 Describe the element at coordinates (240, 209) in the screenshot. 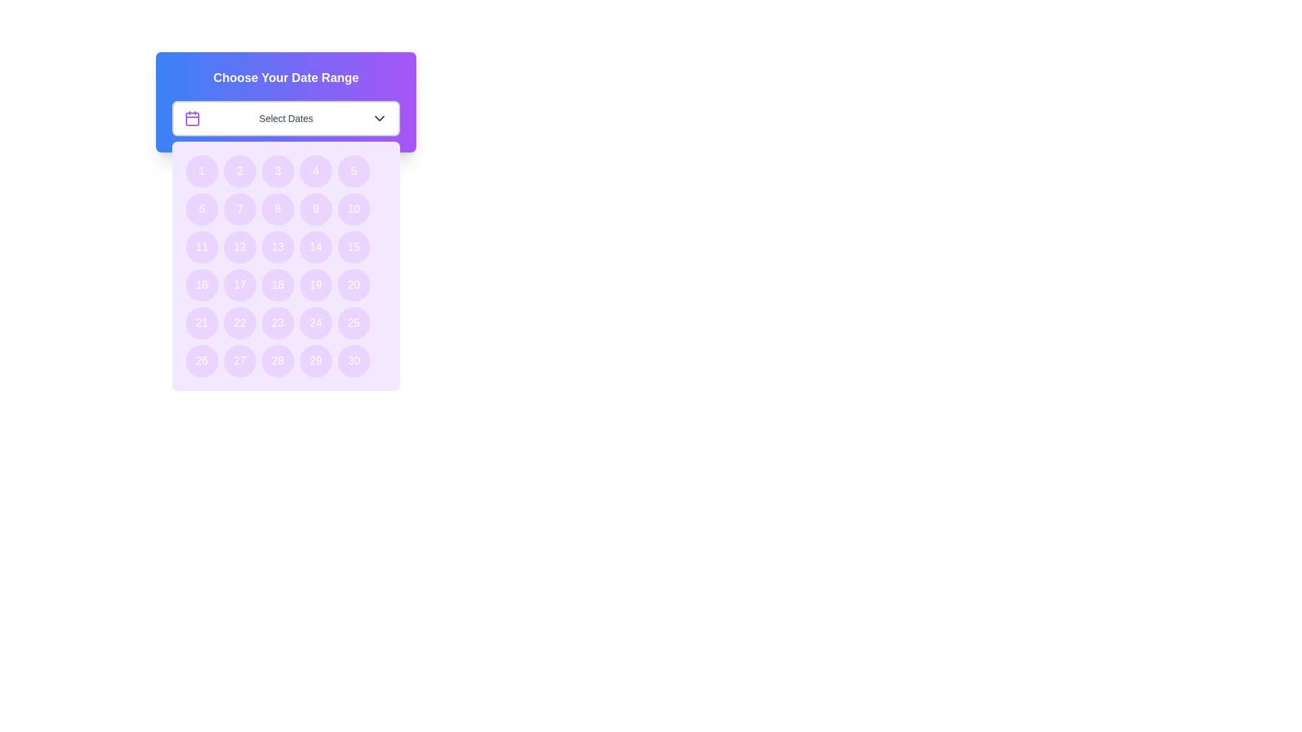

I see `the circular button displaying the number '7'` at that location.